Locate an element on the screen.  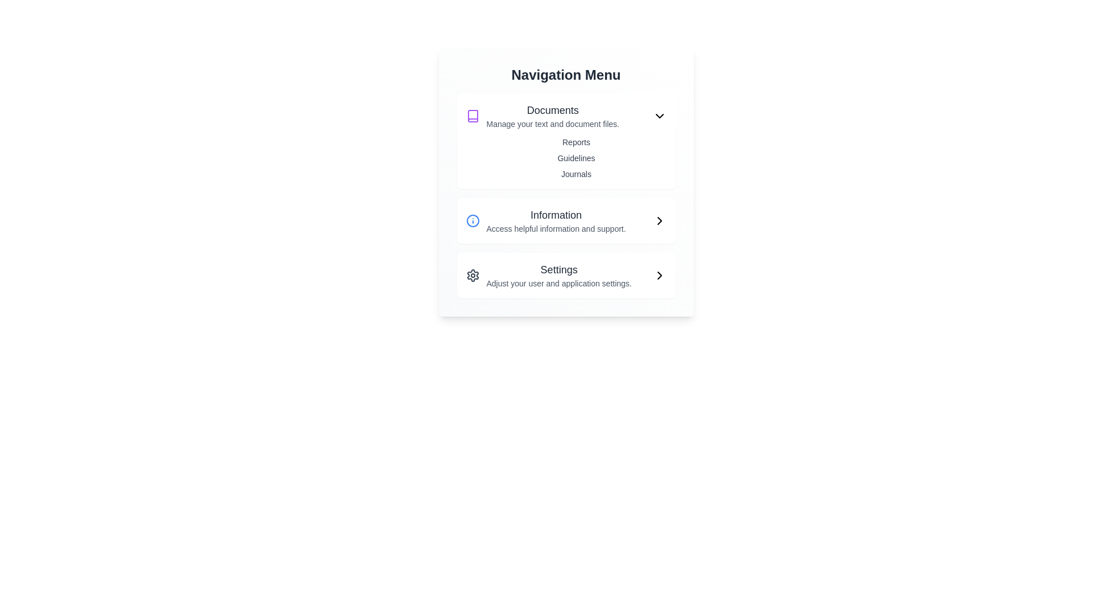
the 'Settings' clickable navigation card located at the bottom of the navigation menu is located at coordinates (566, 275).